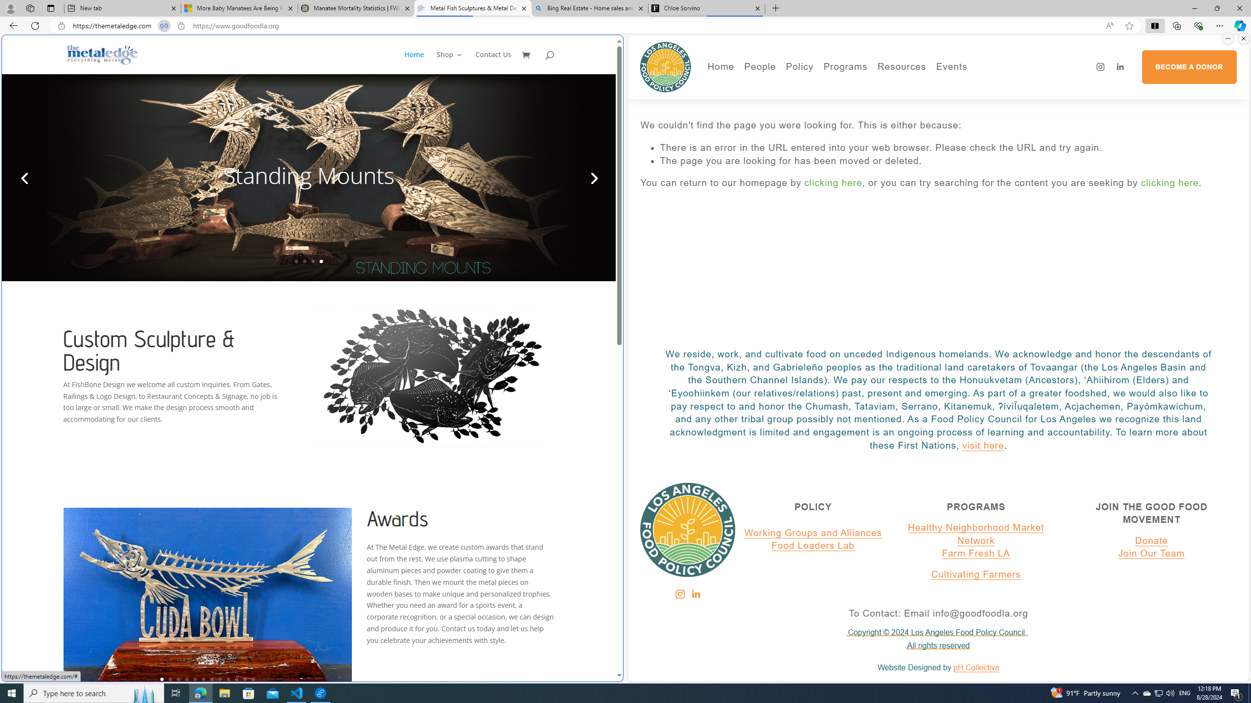 The image size is (1251, 703). What do you see at coordinates (454, 62) in the screenshot?
I see `'Shop3'` at bounding box center [454, 62].